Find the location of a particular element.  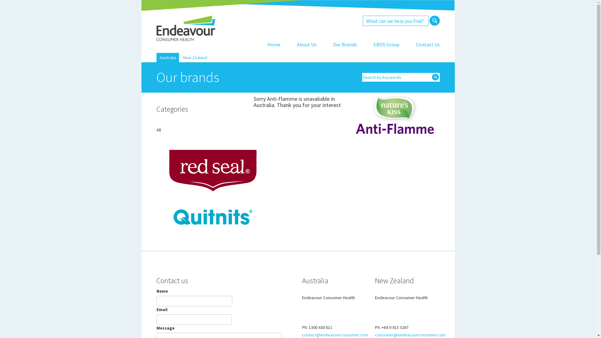

'Contact Us' is located at coordinates (428, 44).